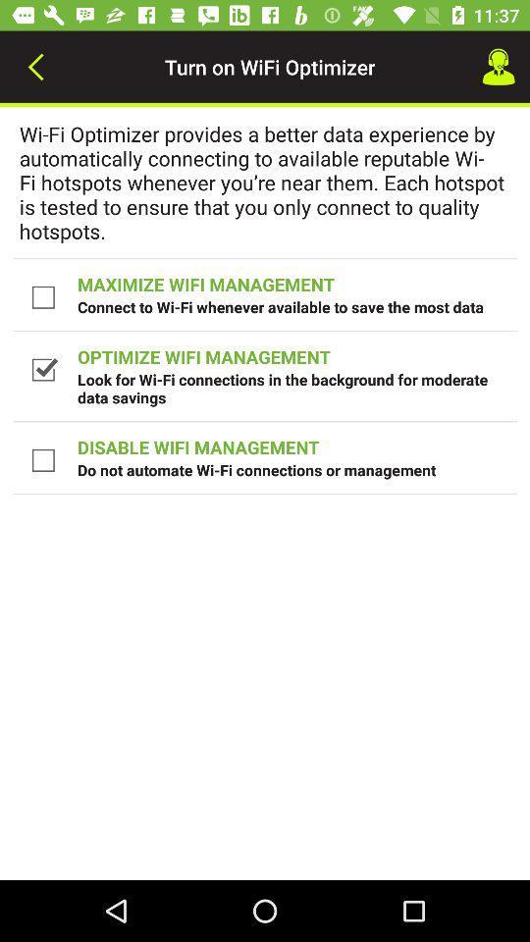 The image size is (530, 942). Describe the element at coordinates (499, 67) in the screenshot. I see `icon next to the turn on wifi icon` at that location.